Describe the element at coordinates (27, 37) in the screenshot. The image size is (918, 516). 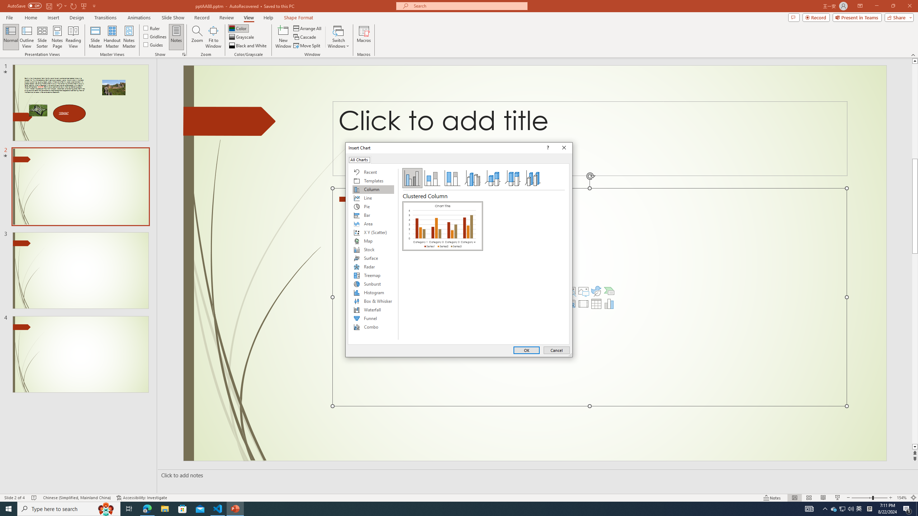
I see `'Outline View'` at that location.